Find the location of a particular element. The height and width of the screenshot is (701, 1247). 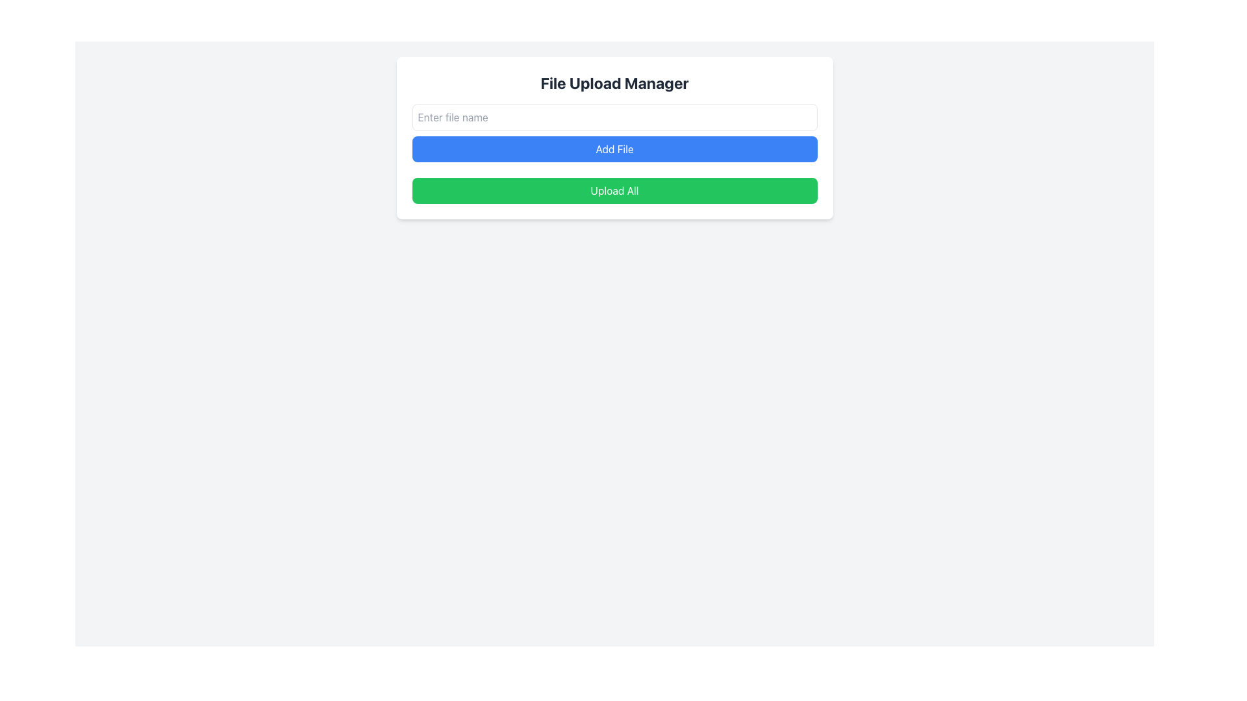

the second button located under the blue 'Add File' button in the 'File Upload Manager' to upload all files is located at coordinates (614, 190).